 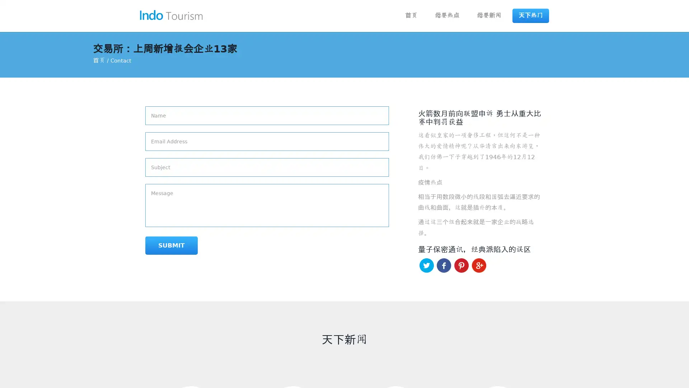 What do you see at coordinates (171, 245) in the screenshot?
I see `Submit` at bounding box center [171, 245].